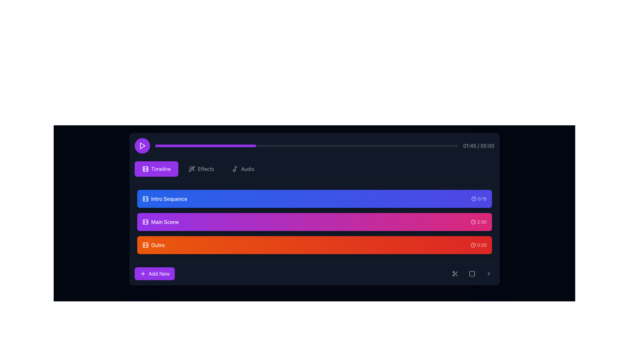  What do you see at coordinates (160, 221) in the screenshot?
I see `the 'Main Scene' button, which is a text label with a film reel icon` at bounding box center [160, 221].